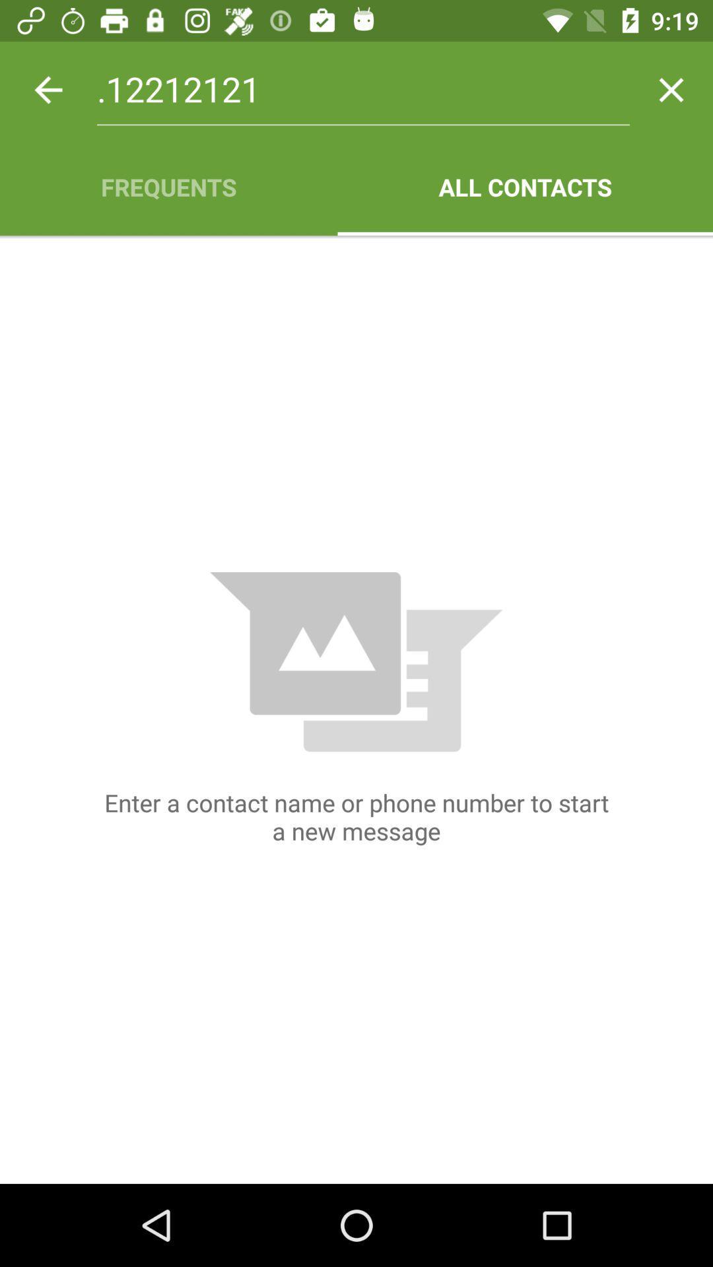  What do you see at coordinates (671, 89) in the screenshot?
I see `item next to the .12212121 item` at bounding box center [671, 89].